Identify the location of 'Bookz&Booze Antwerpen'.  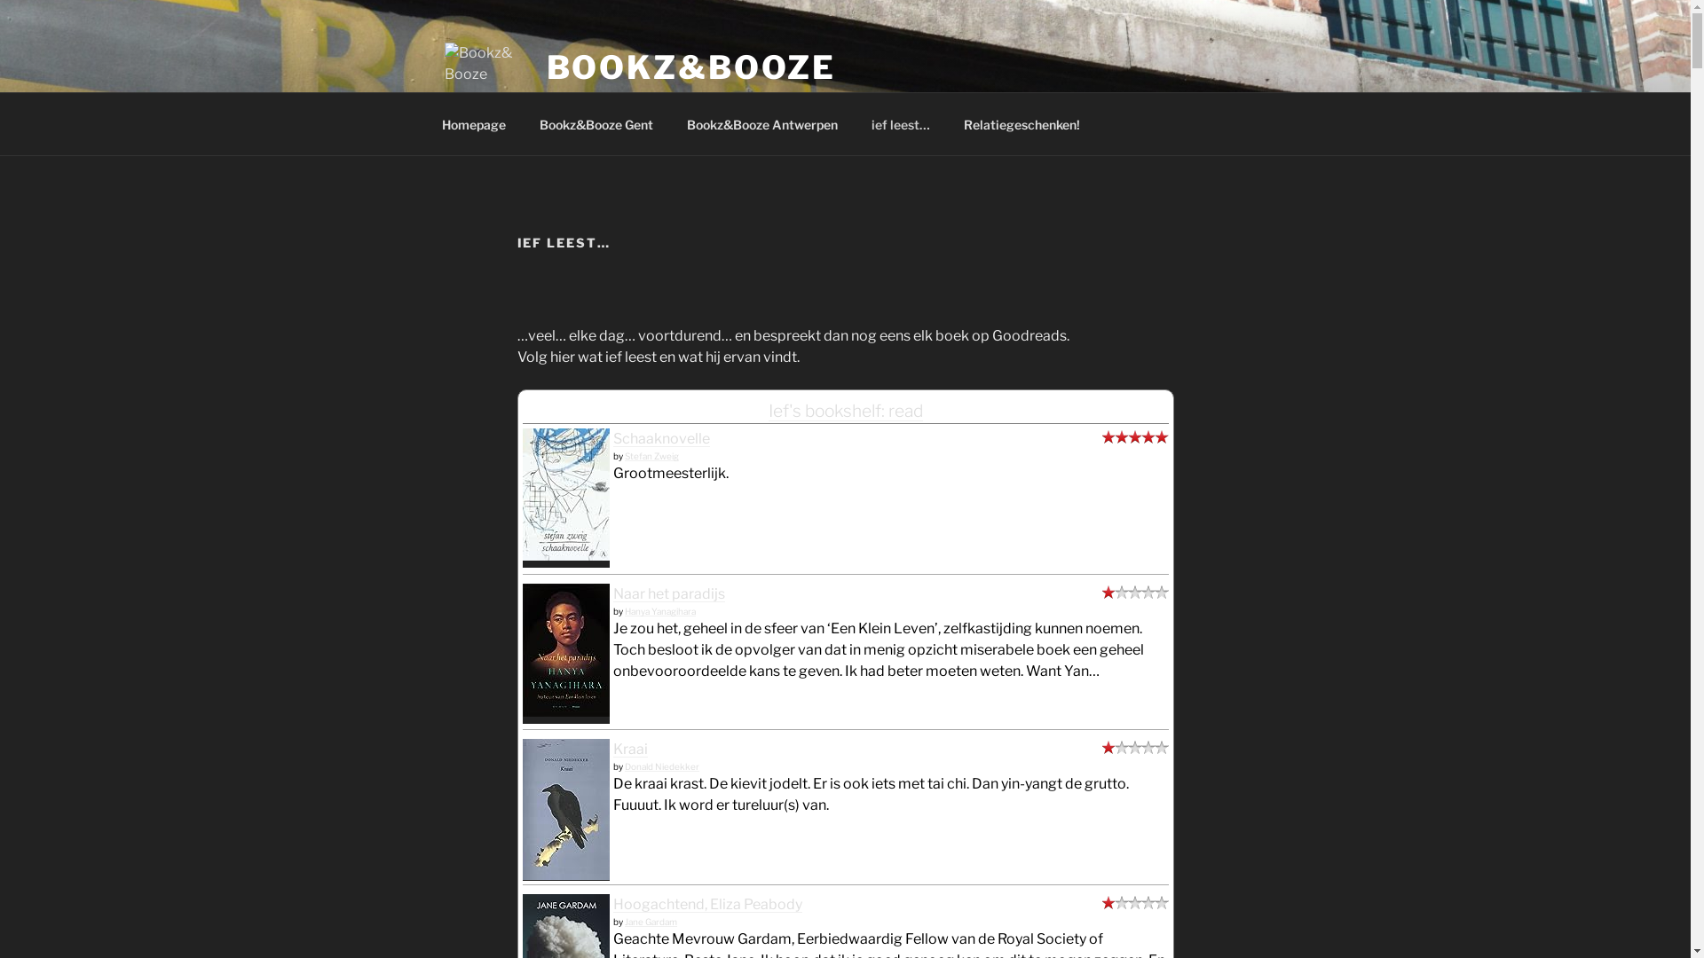
(761, 123).